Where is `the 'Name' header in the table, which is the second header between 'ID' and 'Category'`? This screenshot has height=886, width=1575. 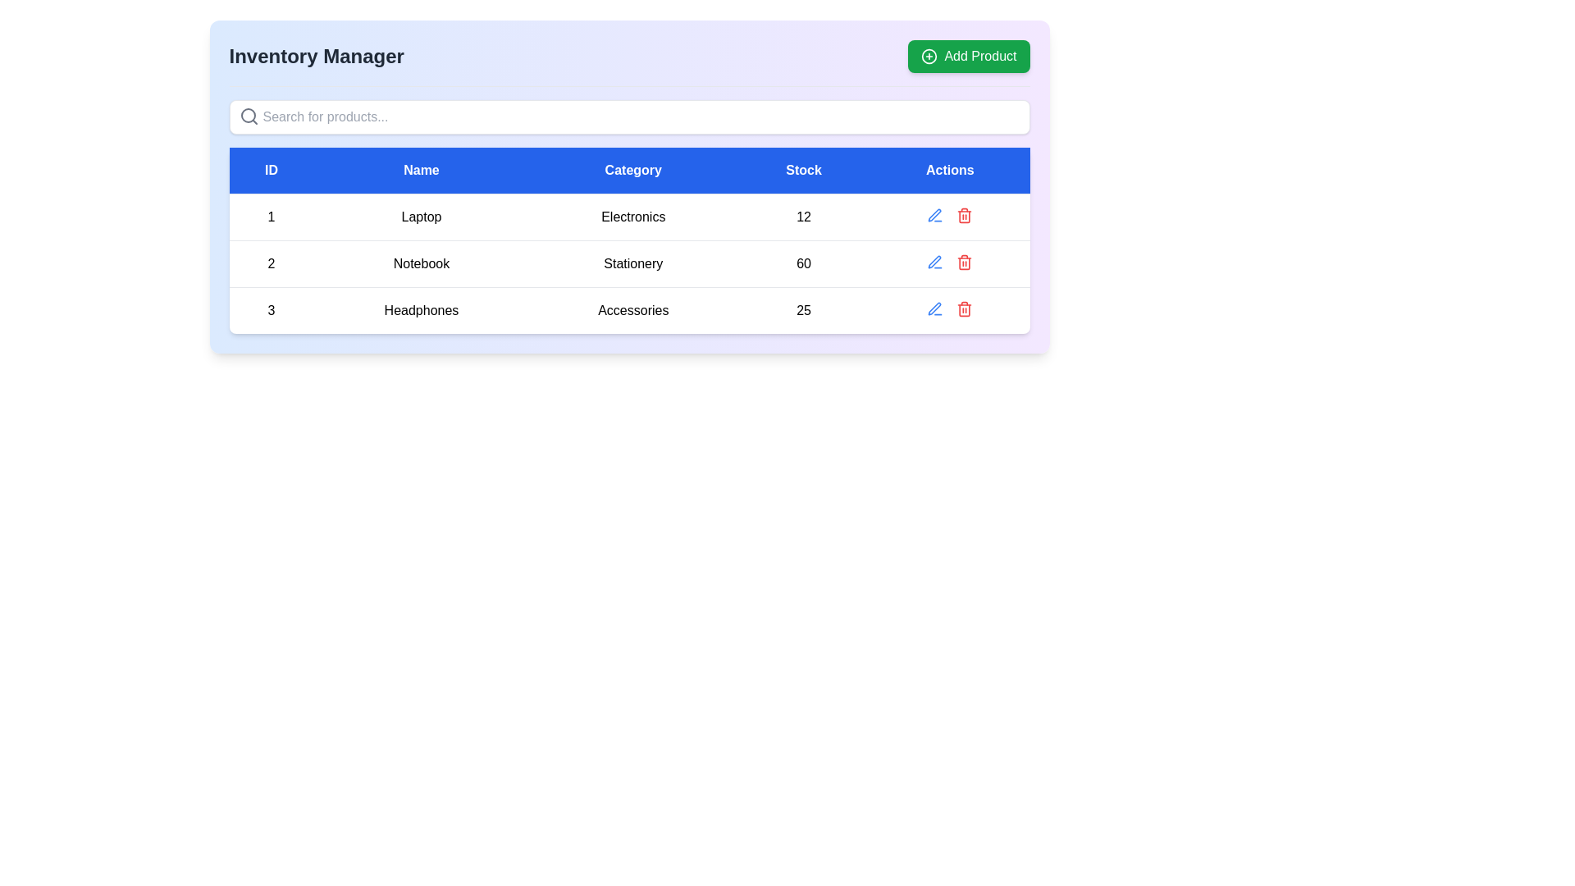 the 'Name' header in the table, which is the second header between 'ID' and 'Category' is located at coordinates (421, 171).